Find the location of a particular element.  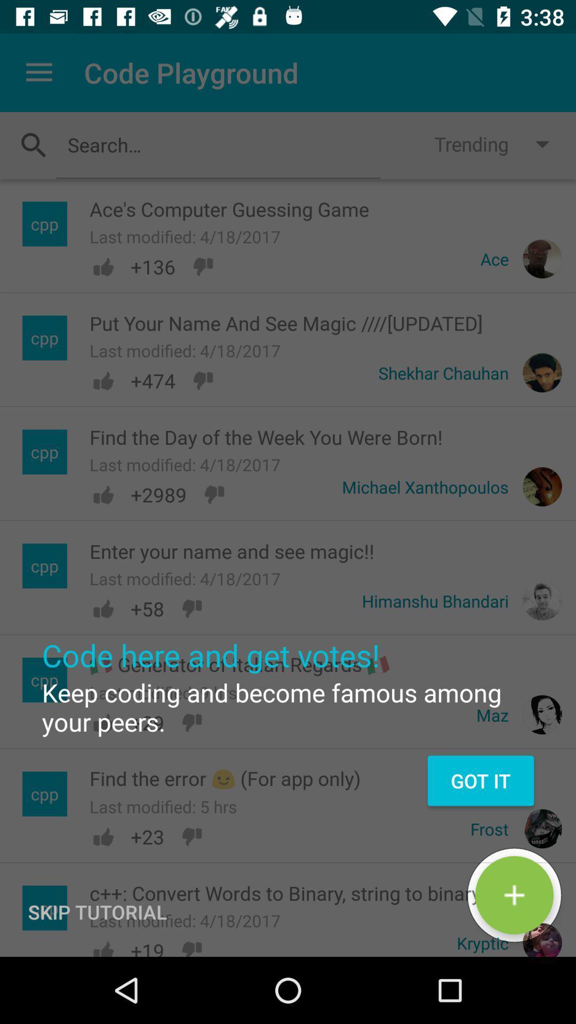

the image which is right to the shekhar chauhan is located at coordinates (542, 373).